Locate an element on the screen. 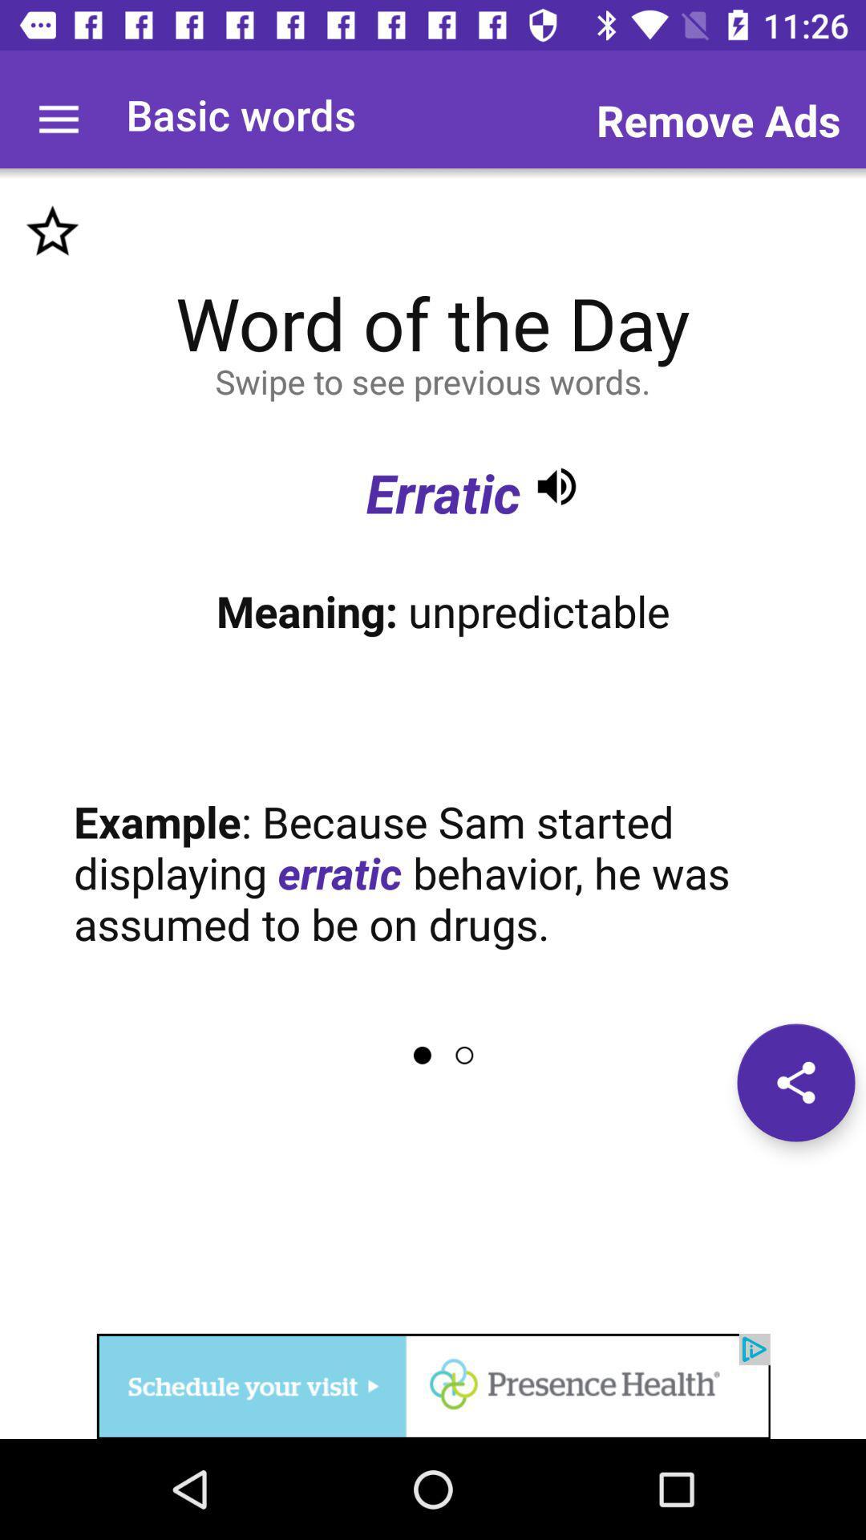  advertisement is located at coordinates (433, 1385).